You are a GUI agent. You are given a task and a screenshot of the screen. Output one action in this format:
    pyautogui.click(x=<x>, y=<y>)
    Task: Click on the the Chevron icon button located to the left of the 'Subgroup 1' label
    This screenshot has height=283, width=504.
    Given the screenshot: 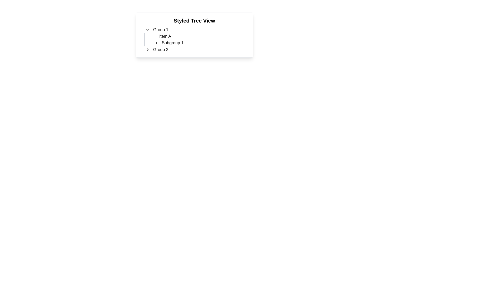 What is the action you would take?
    pyautogui.click(x=156, y=43)
    